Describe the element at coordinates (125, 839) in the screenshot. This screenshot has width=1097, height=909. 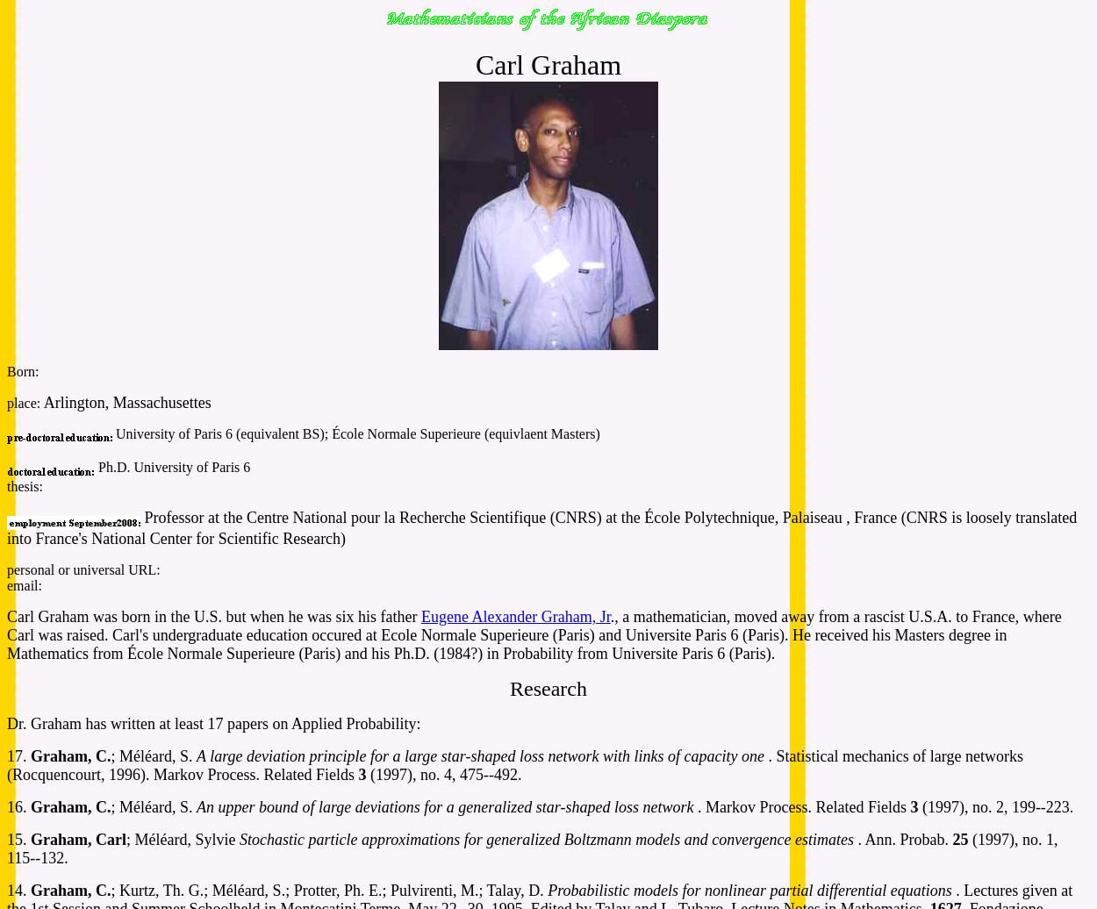
I see `'; Méléard,
Sylvie'` at that location.